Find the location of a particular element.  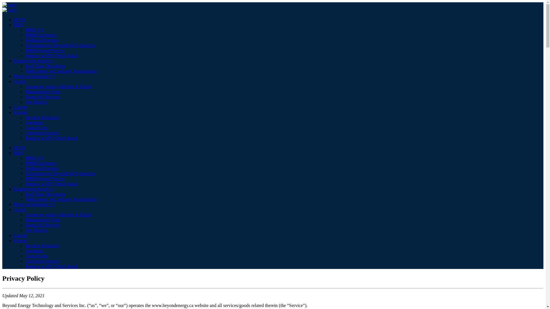

'MPD Equipment' is located at coordinates (40, 163).